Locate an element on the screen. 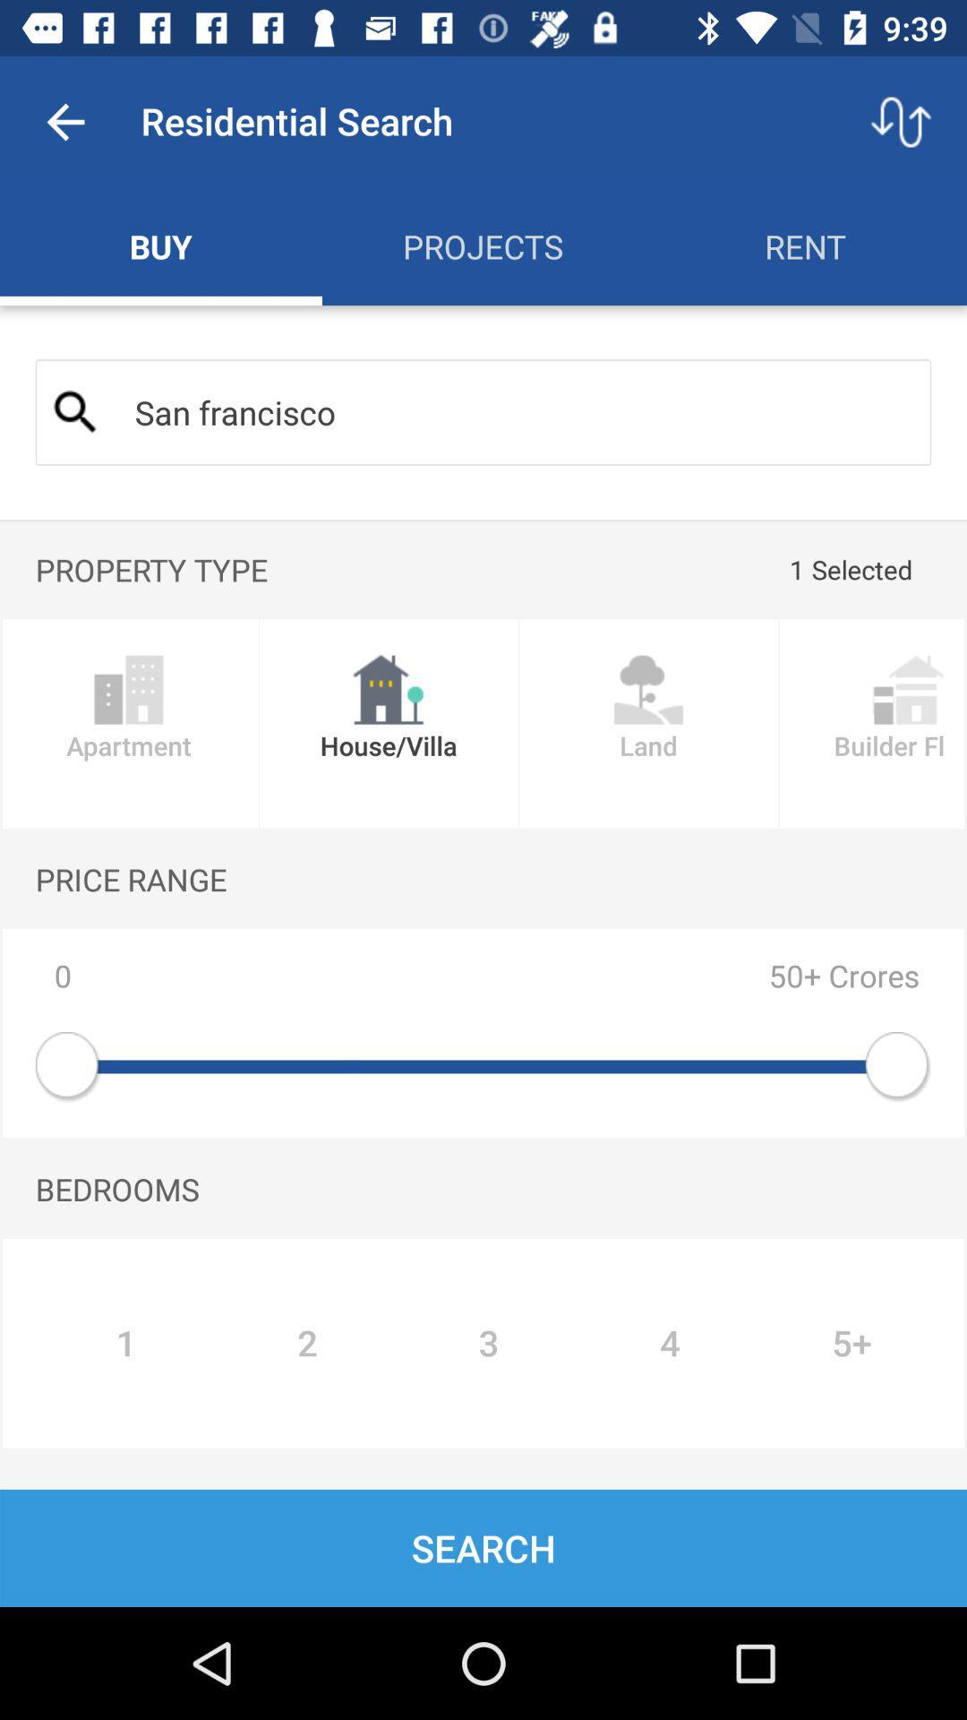  2 below bed rooms is located at coordinates (306, 1343).